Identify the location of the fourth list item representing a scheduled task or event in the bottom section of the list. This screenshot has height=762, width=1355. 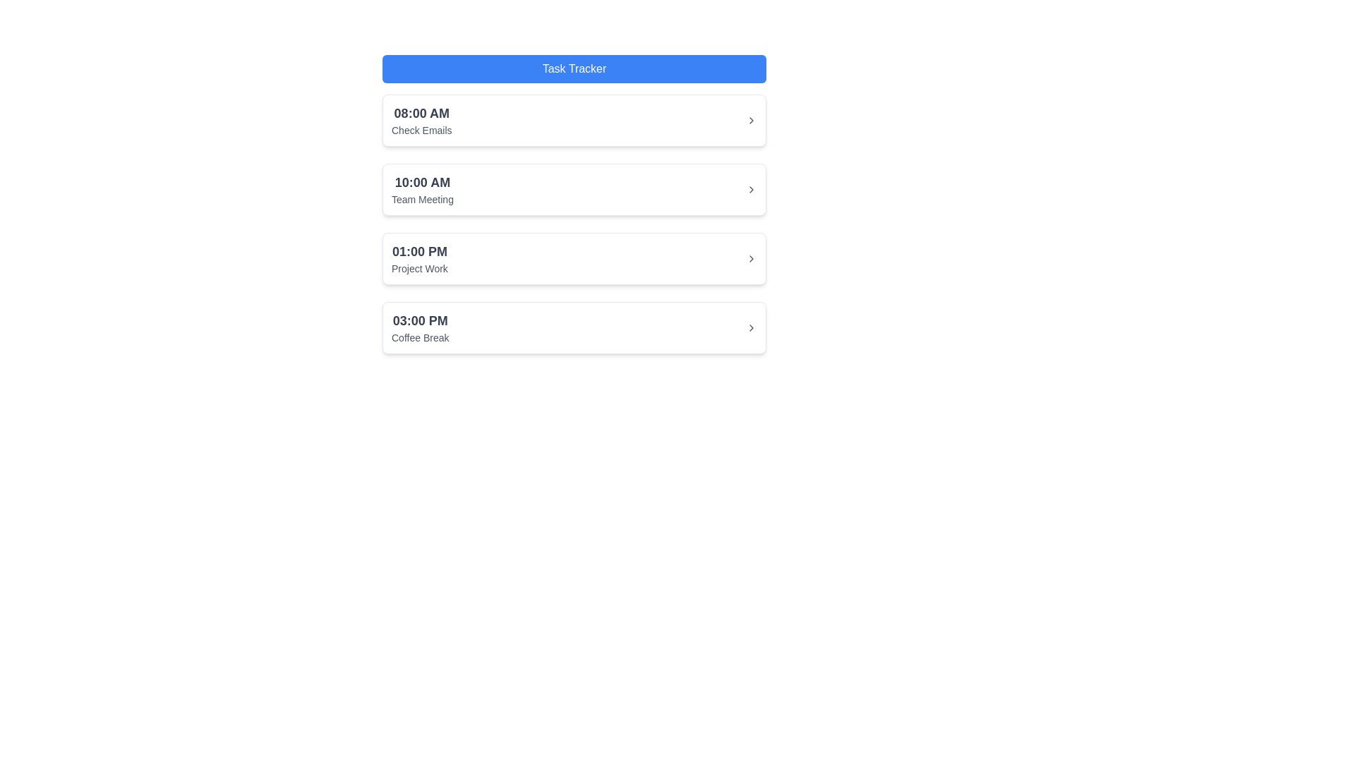
(574, 328).